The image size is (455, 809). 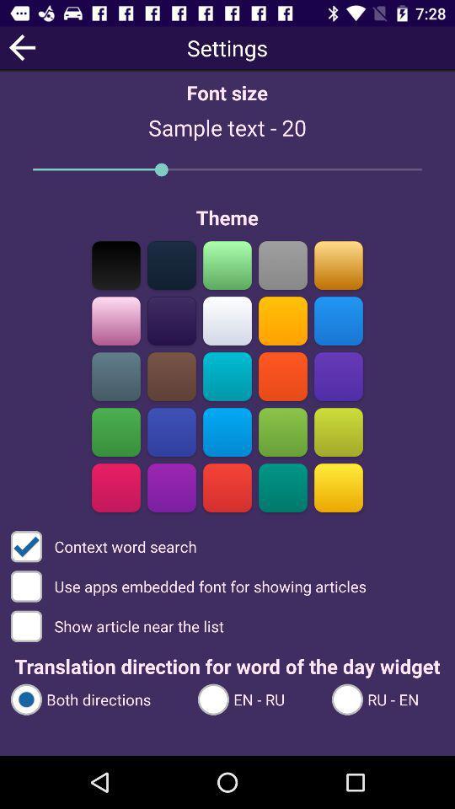 What do you see at coordinates (282, 431) in the screenshot?
I see `choose theme` at bounding box center [282, 431].